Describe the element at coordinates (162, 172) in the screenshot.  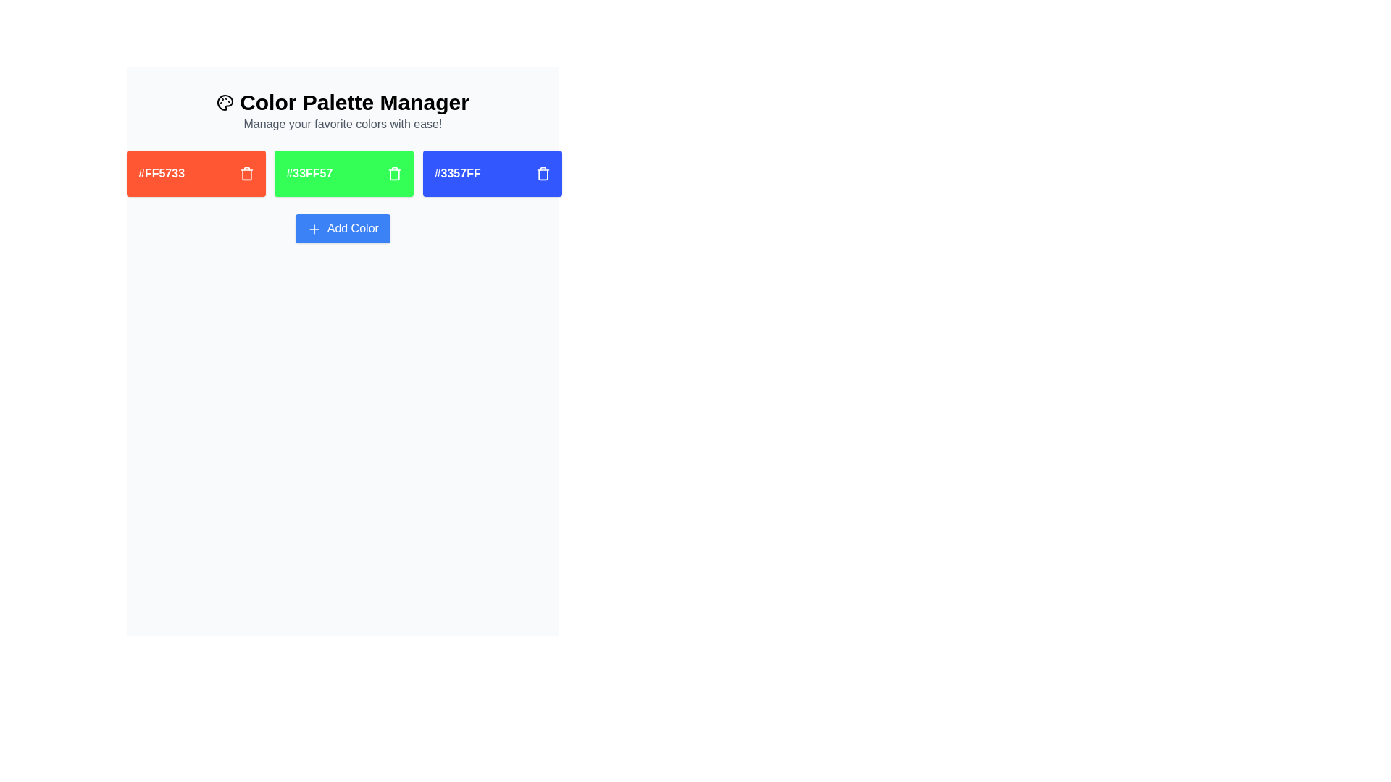
I see `the text label displaying the color code '#FF5733' in white font with bold weight, located within the first color block on the left side, adjacent to a trash icon` at that location.